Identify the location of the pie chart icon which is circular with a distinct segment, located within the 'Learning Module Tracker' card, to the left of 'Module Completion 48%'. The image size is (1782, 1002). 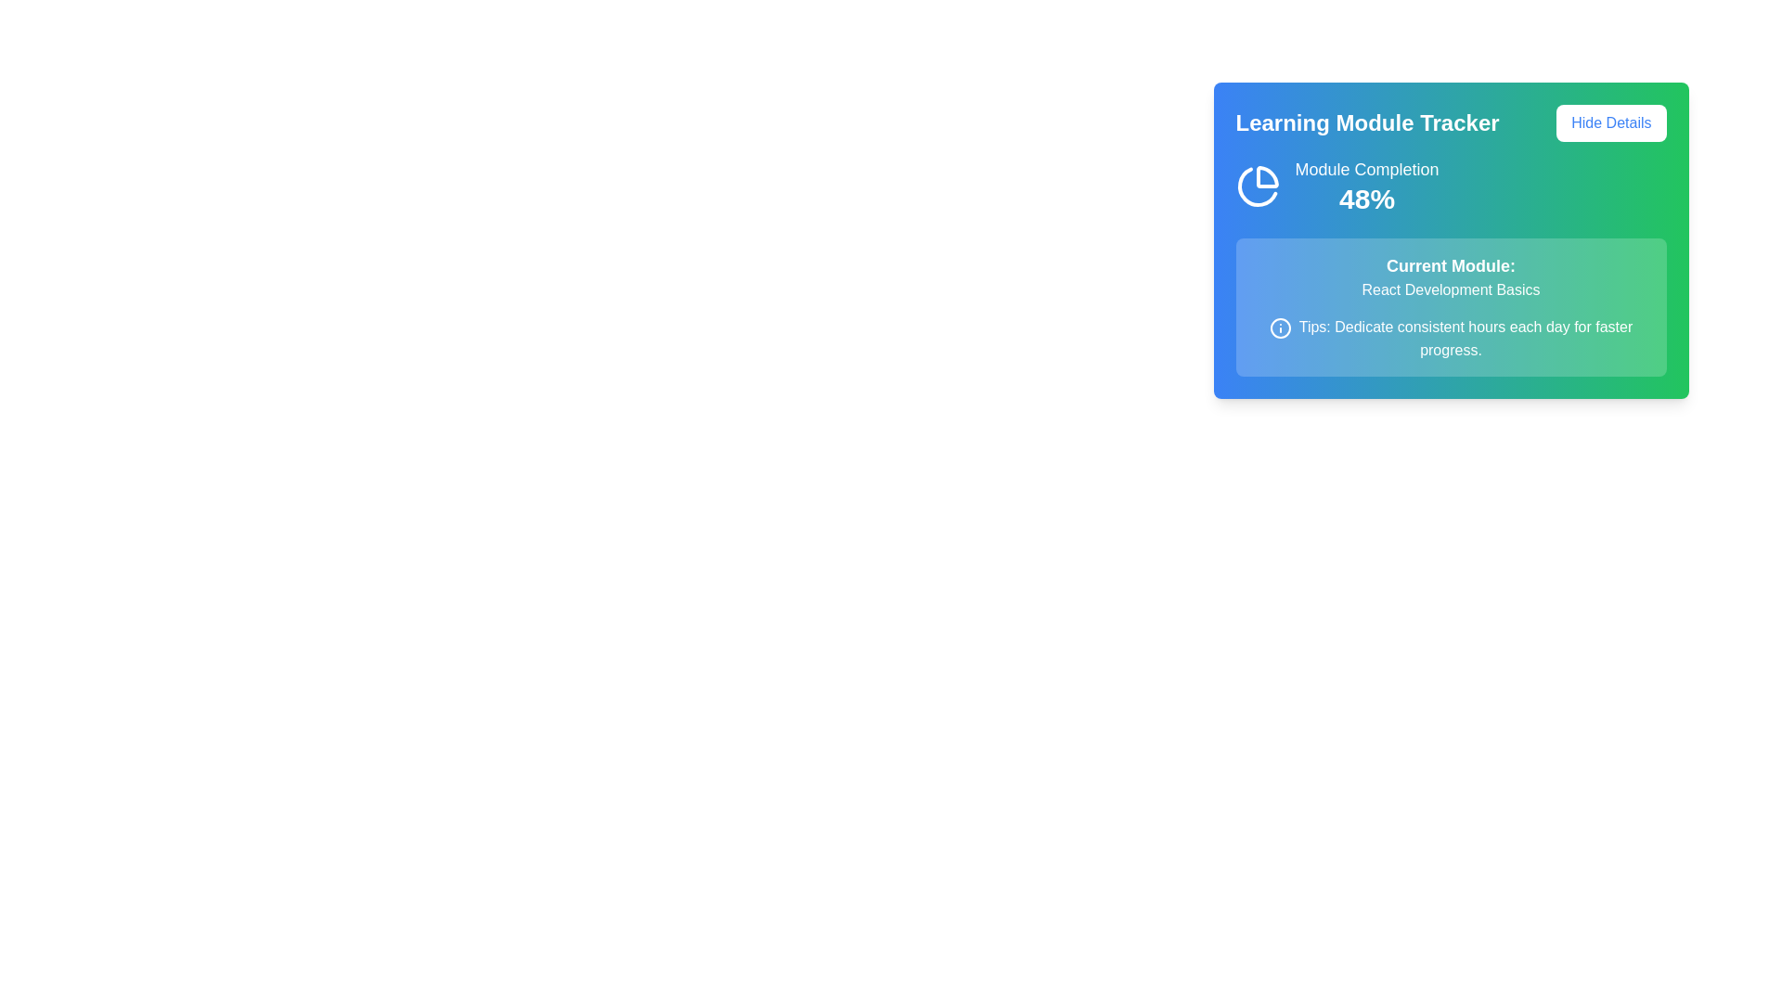
(1258, 186).